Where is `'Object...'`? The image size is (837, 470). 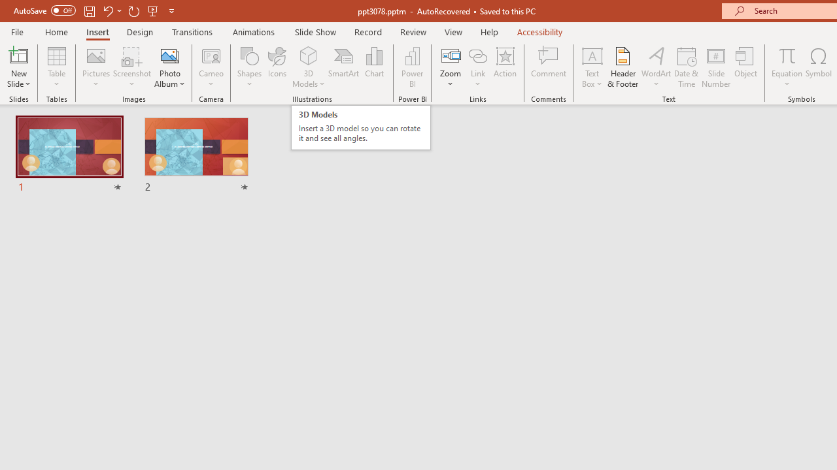 'Object...' is located at coordinates (746, 67).